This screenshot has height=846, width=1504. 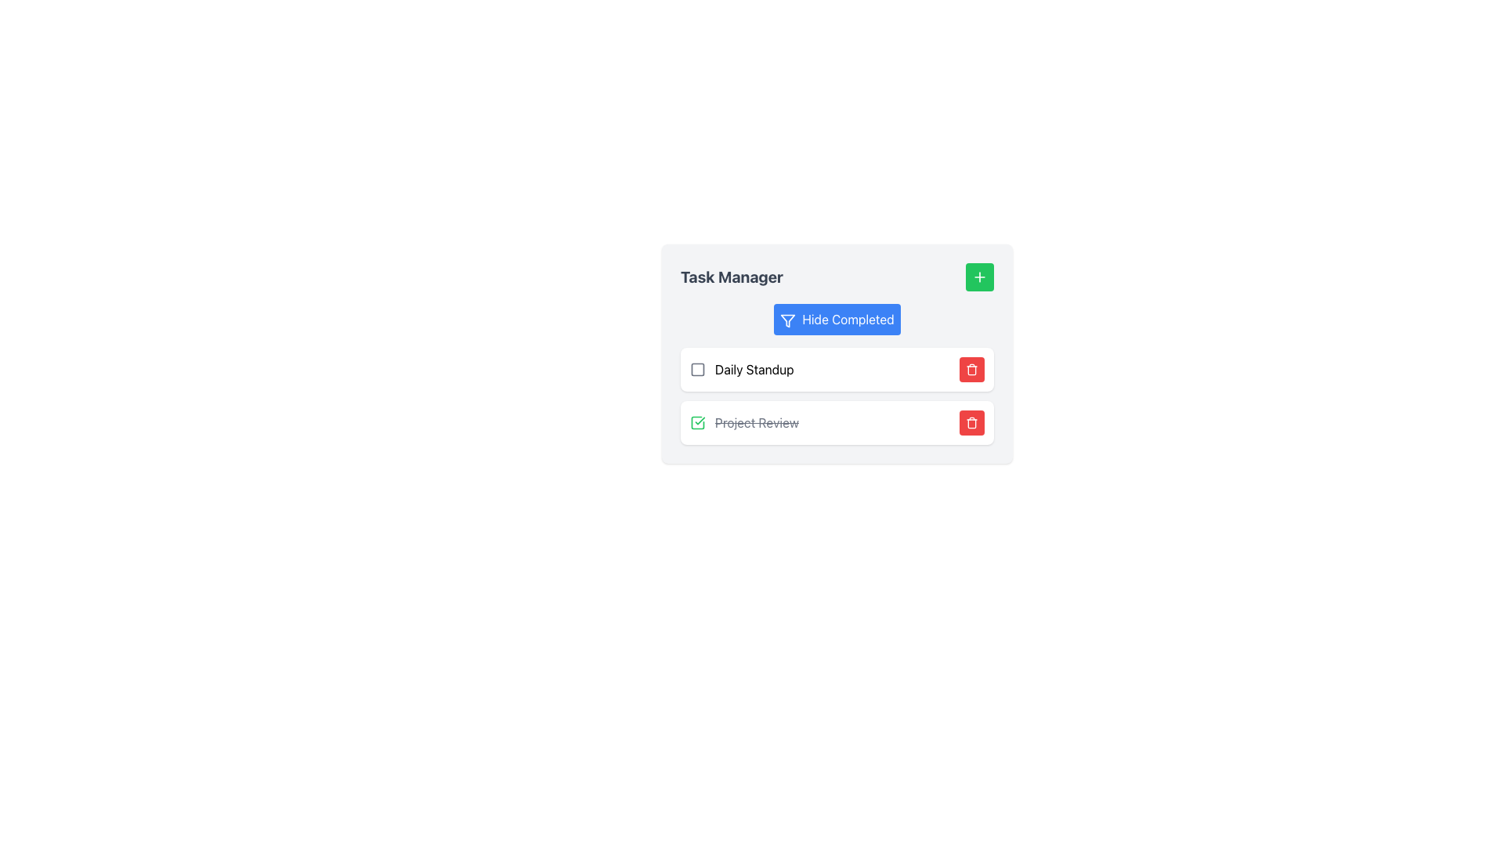 I want to click on the checkbox for the 'Daily Standup' task, so click(x=697, y=369).